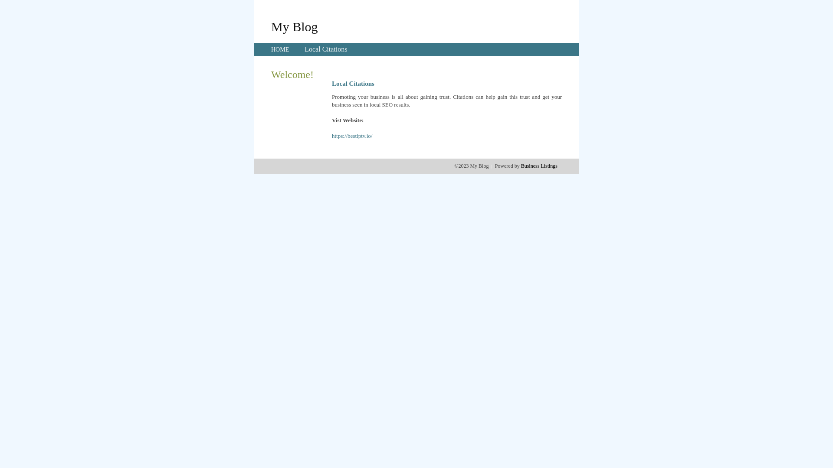 This screenshot has width=833, height=468. Describe the element at coordinates (539, 166) in the screenshot. I see `'Business Listings'` at that location.